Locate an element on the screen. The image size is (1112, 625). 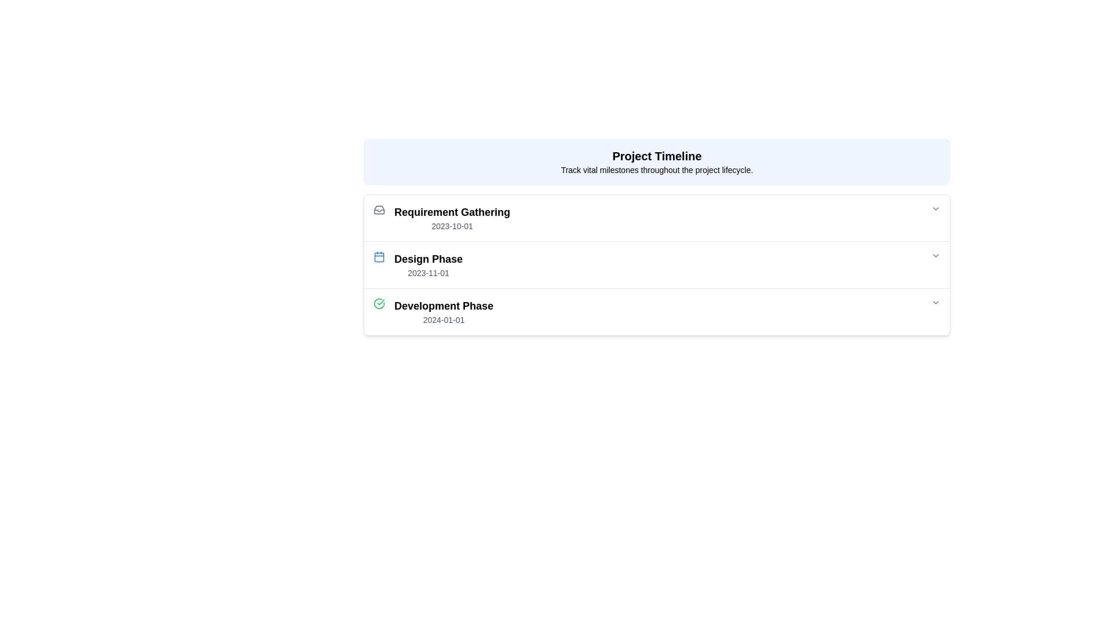
the Text display element that shows 'Development Phase' and '2024-01-01', located under the 'Project Timeline' heading is located at coordinates (443, 311).